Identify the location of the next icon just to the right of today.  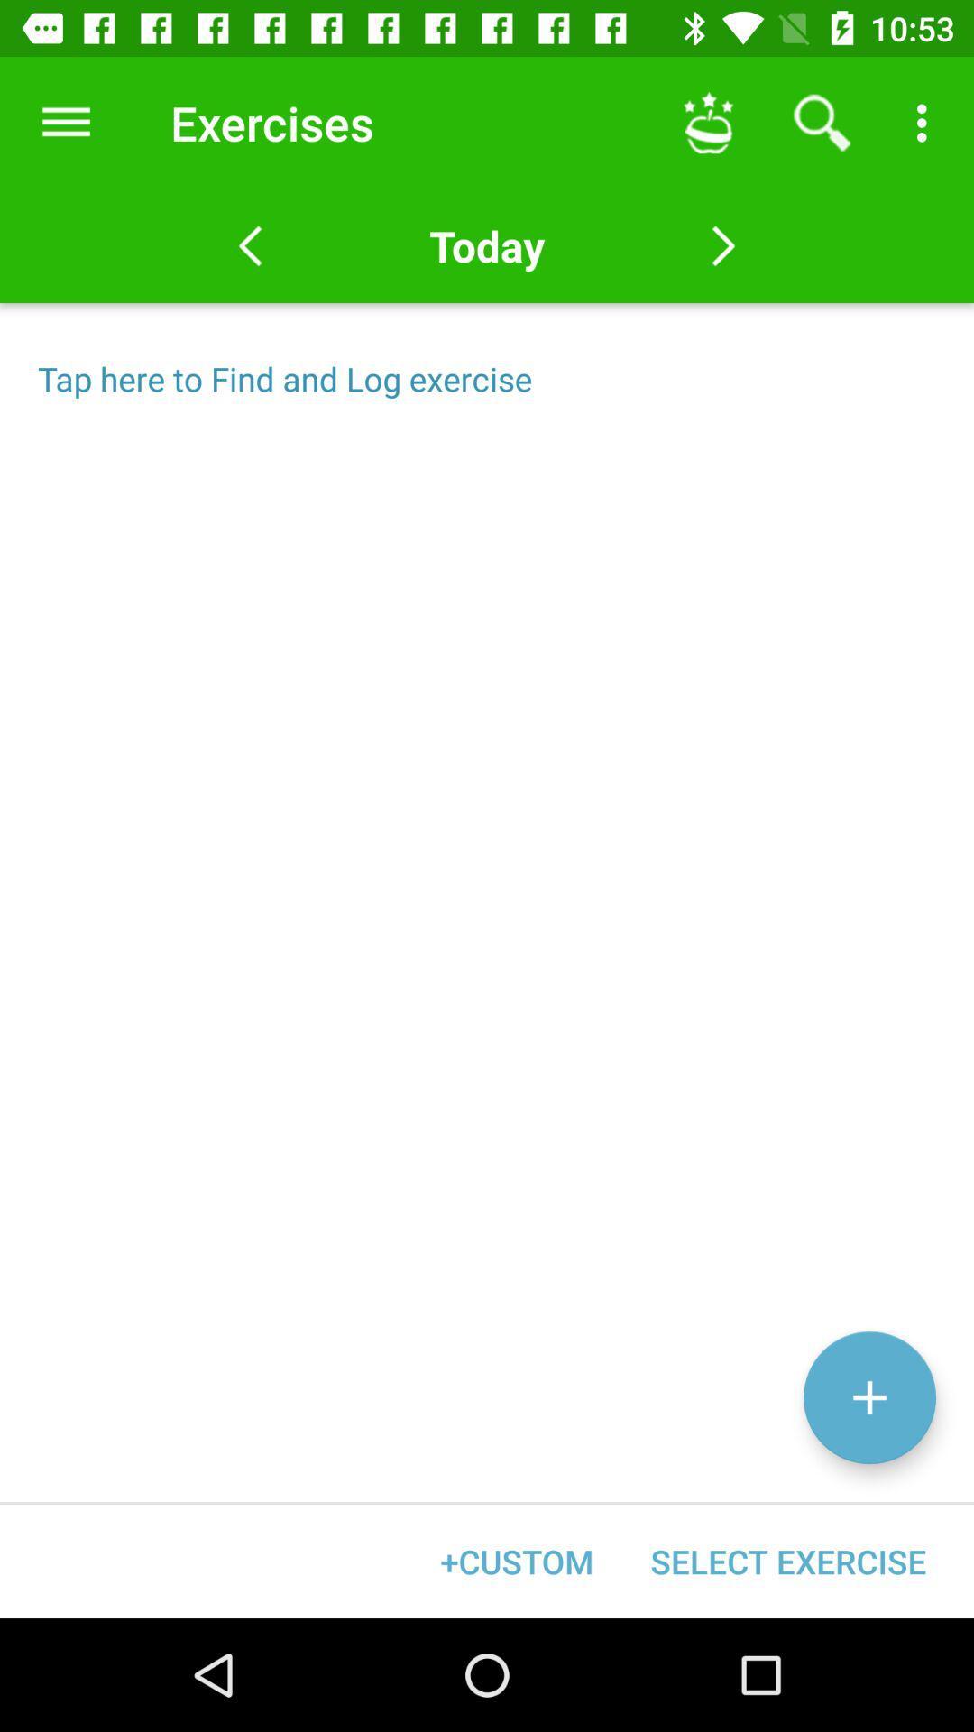
(722, 245).